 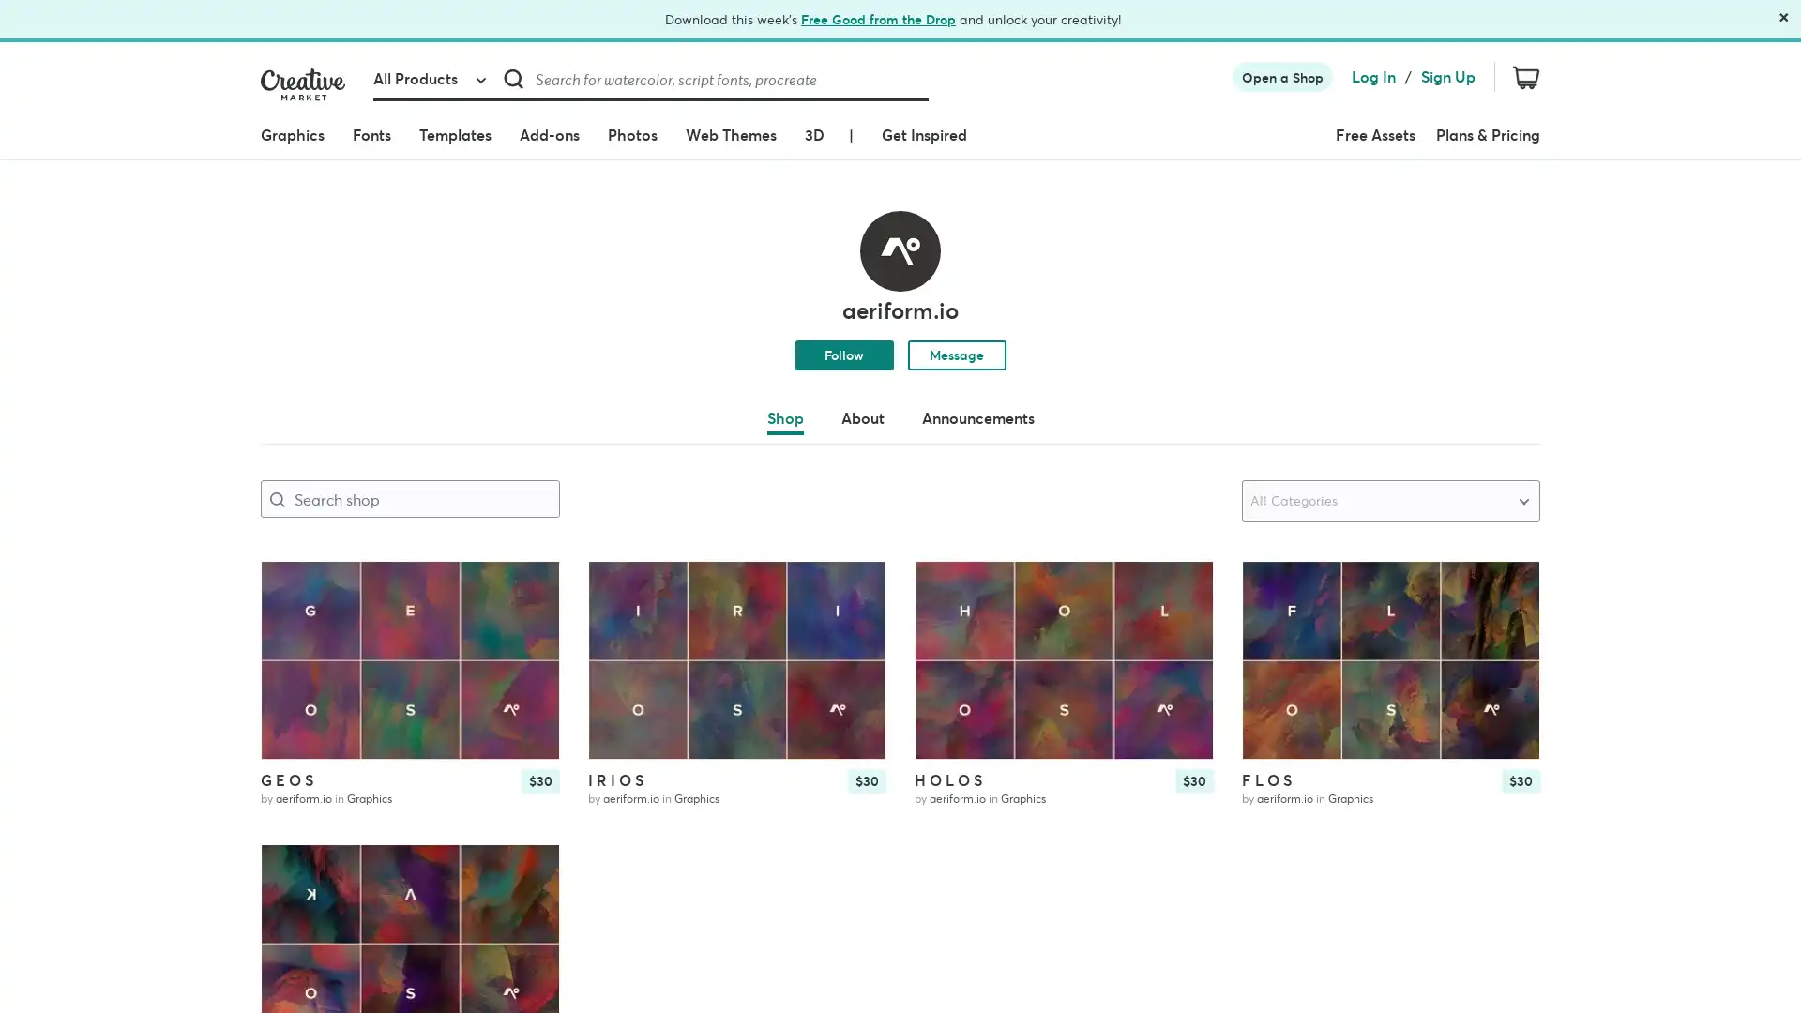 What do you see at coordinates (855, 588) in the screenshot?
I see `Like` at bounding box center [855, 588].